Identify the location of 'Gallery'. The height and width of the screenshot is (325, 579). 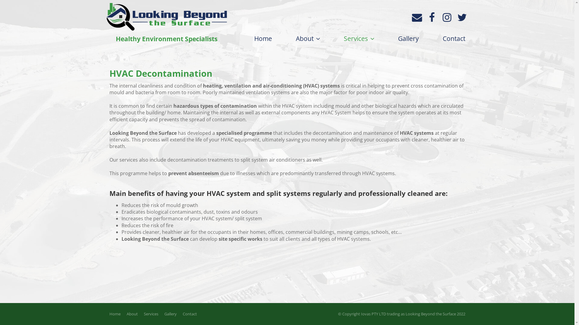
(408, 38).